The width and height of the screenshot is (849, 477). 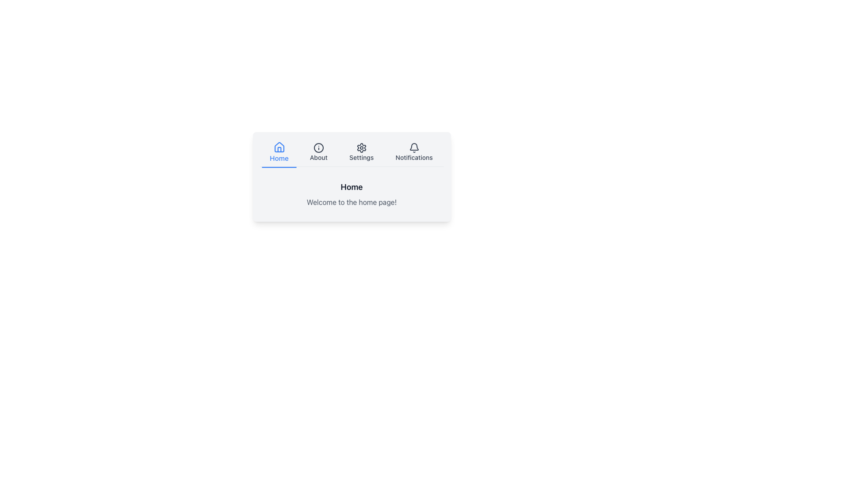 What do you see at coordinates (279, 149) in the screenshot?
I see `the door icon within the house SVG icon at the top left of the navigation bar` at bounding box center [279, 149].